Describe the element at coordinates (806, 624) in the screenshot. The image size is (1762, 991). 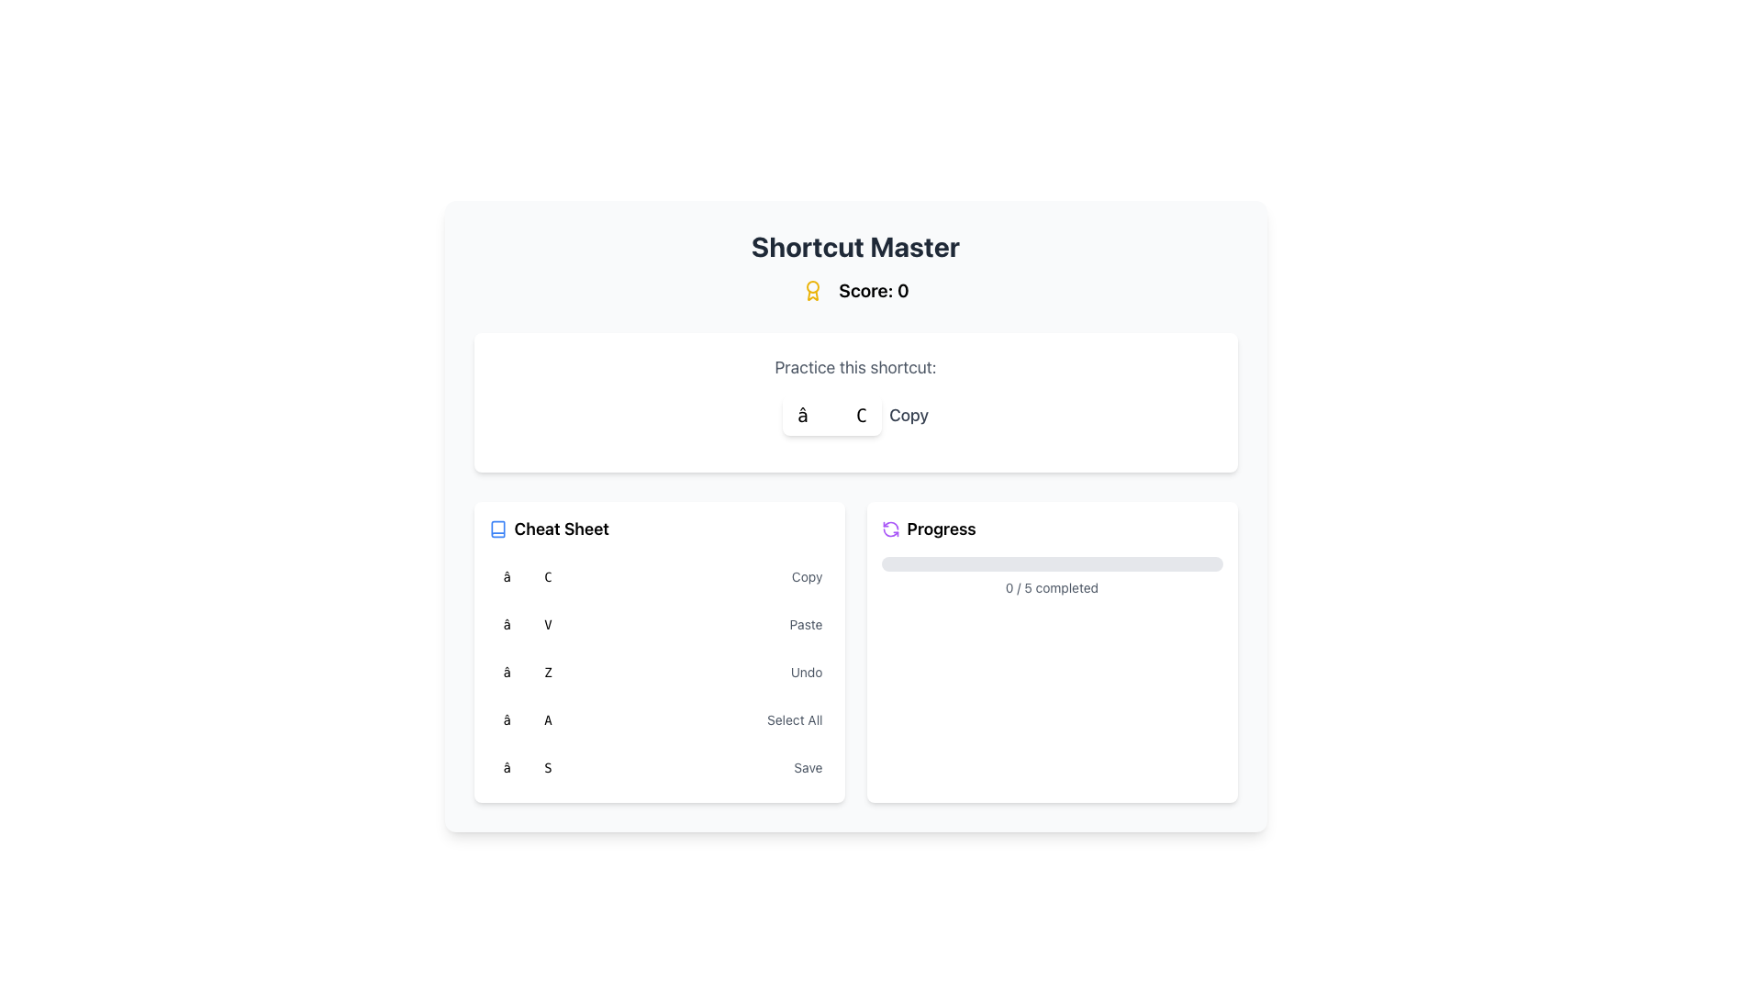
I see `the text label reading 'Paste', which is styled in small gray font and located in the 'Cheat Sheet' section, adjacent to other shortcut-related elements` at that location.